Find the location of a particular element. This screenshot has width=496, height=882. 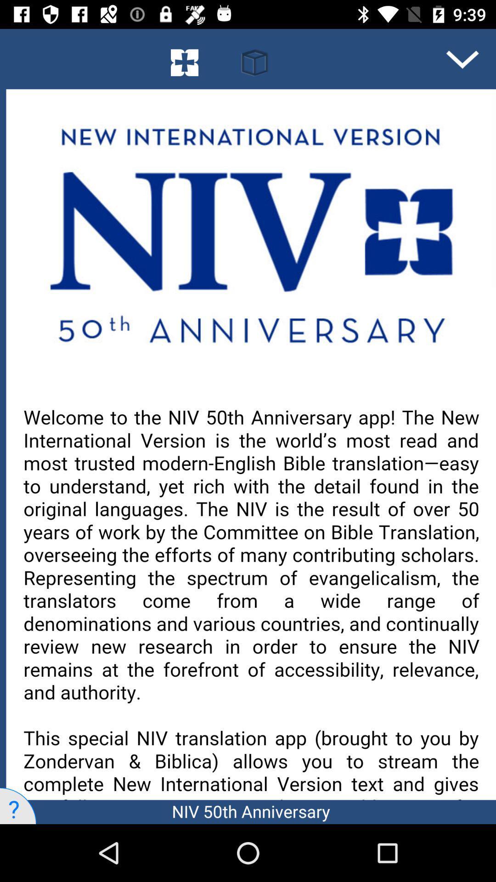

the book icon is located at coordinates (254, 59).